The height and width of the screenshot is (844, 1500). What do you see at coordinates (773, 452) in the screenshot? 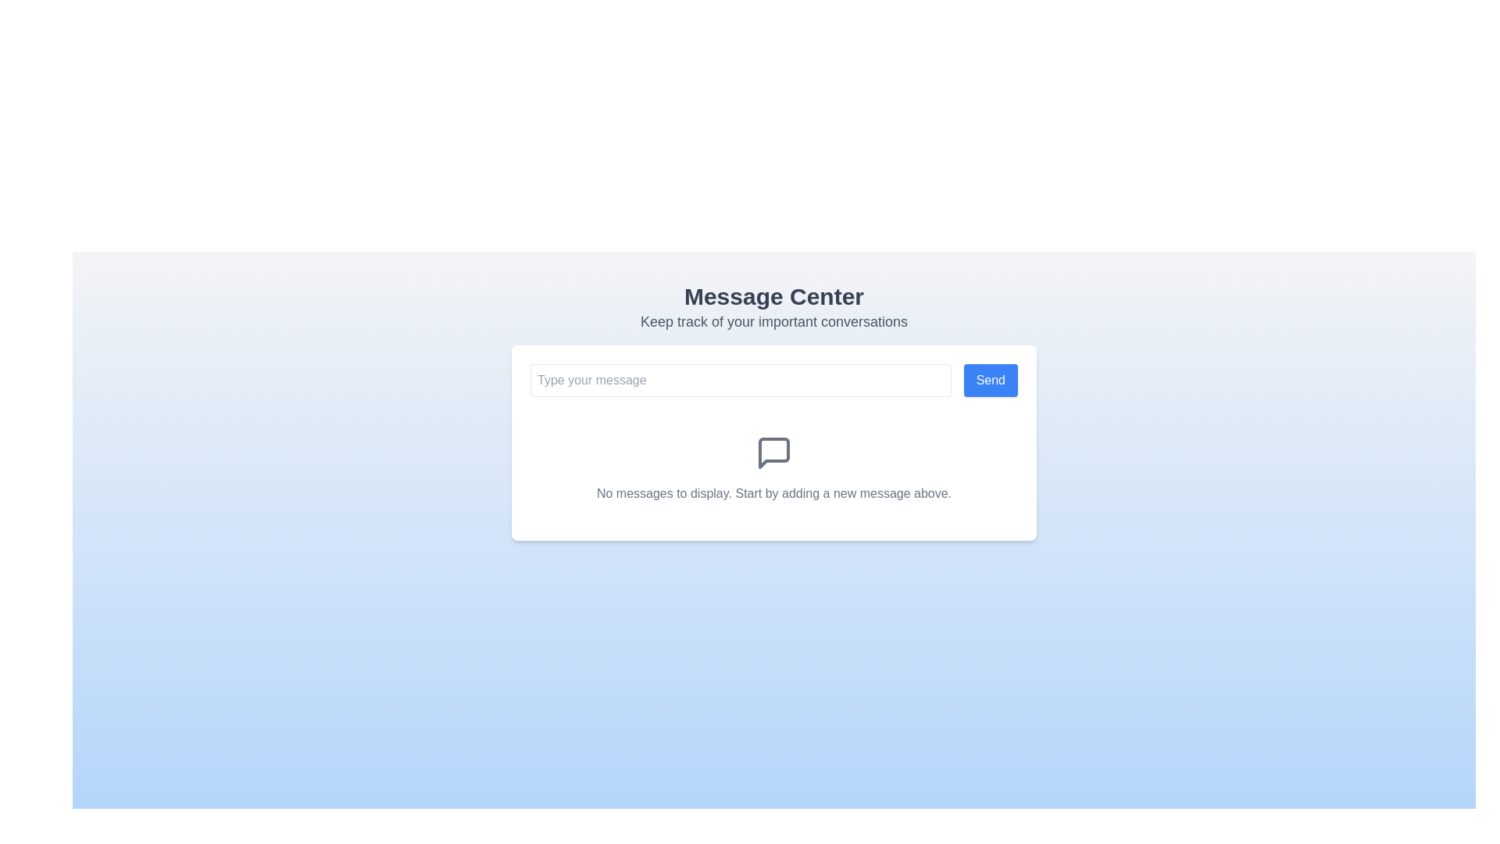
I see `the decorative icon that represents messaging or communication, positioned directly above the text 'No messages` at bounding box center [773, 452].